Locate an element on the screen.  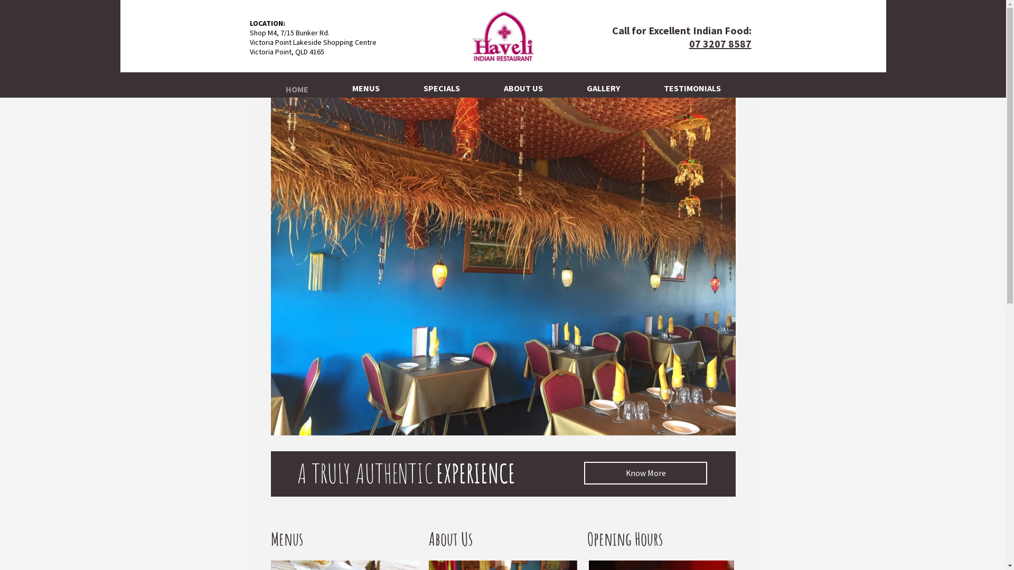
'TESTIMONIALS' is located at coordinates (692, 84).